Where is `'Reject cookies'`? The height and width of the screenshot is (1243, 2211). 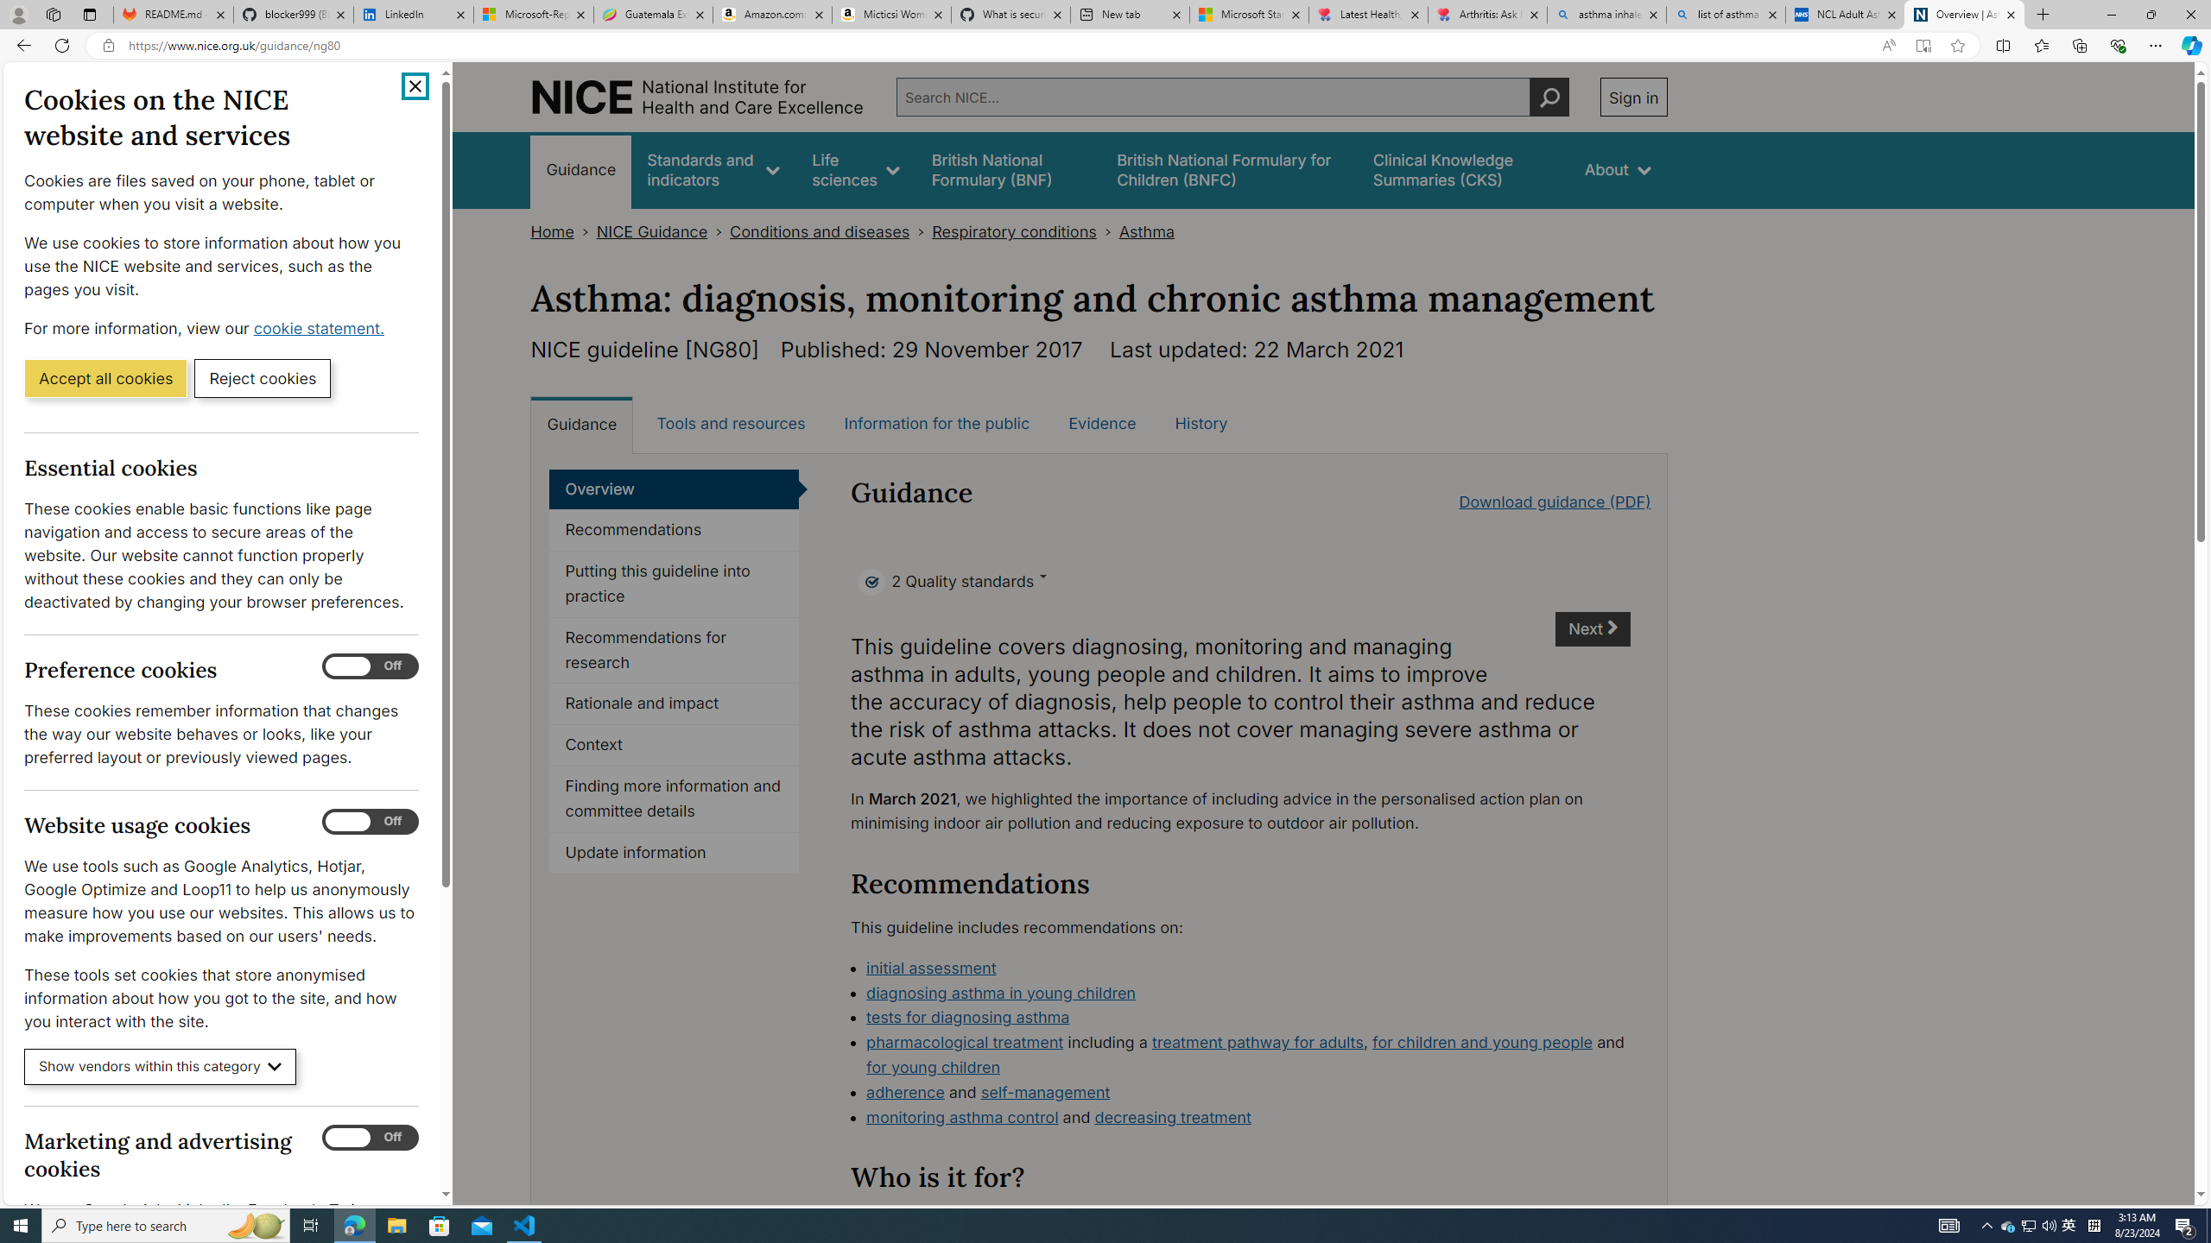
'Reject cookies' is located at coordinates (262, 376).